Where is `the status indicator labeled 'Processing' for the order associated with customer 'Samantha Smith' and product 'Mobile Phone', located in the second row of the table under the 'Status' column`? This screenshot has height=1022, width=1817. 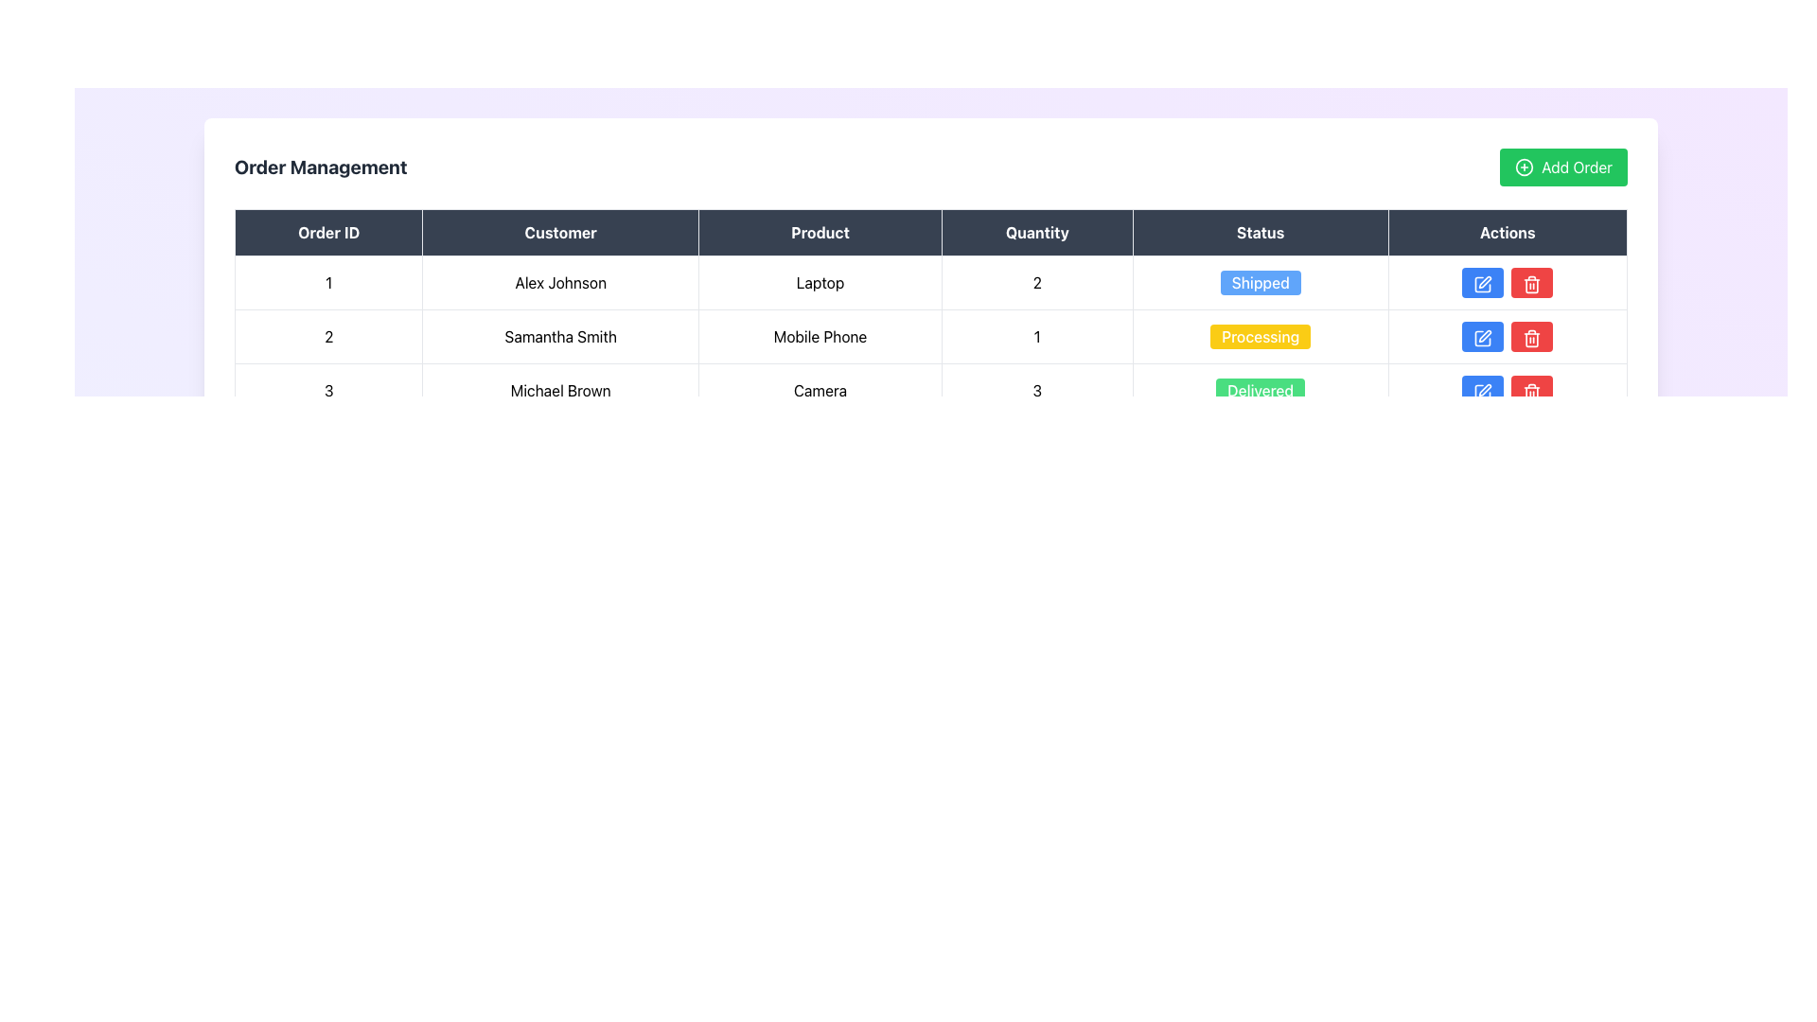
the status indicator labeled 'Processing' for the order associated with customer 'Samantha Smith' and product 'Mobile Phone', located in the second row of the table under the 'Status' column is located at coordinates (1261, 335).